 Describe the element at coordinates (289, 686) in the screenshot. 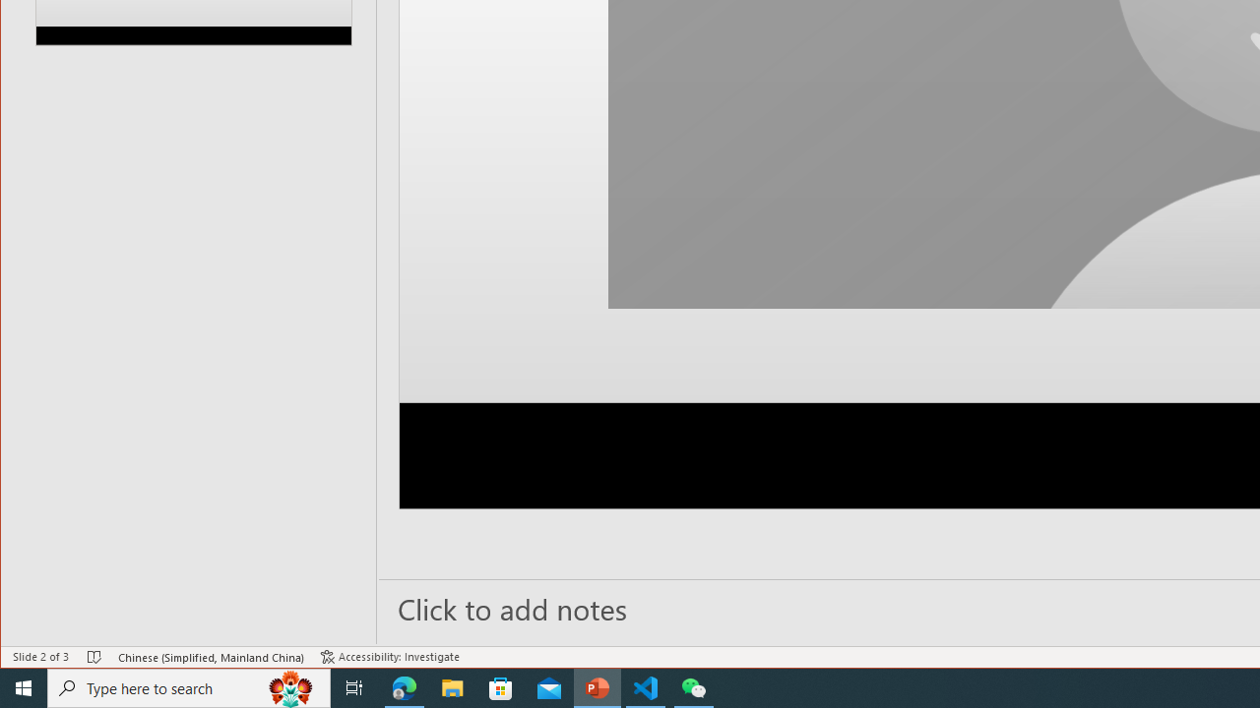

I see `'Search highlights icon opens search home window'` at that location.